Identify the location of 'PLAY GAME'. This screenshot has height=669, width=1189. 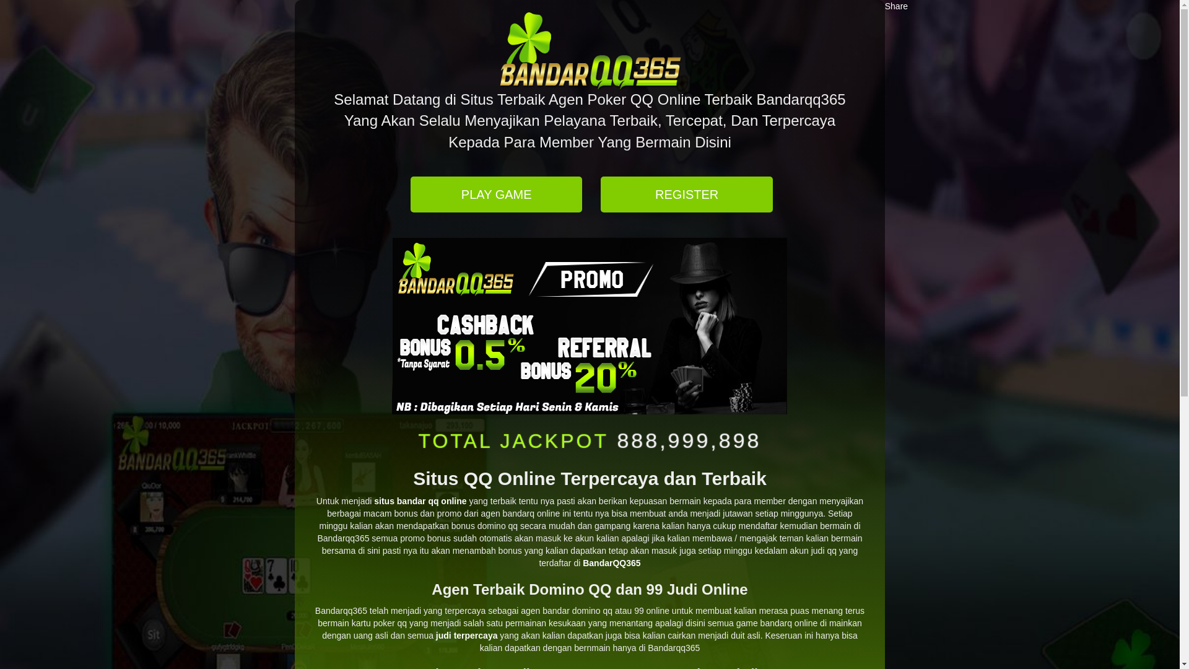
(496, 195).